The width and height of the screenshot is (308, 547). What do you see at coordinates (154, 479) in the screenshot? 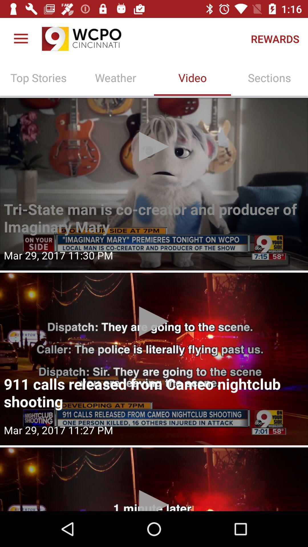
I see `video` at bounding box center [154, 479].